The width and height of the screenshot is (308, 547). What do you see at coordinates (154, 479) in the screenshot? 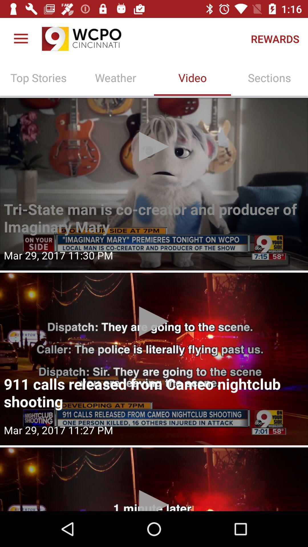
I see `video` at bounding box center [154, 479].